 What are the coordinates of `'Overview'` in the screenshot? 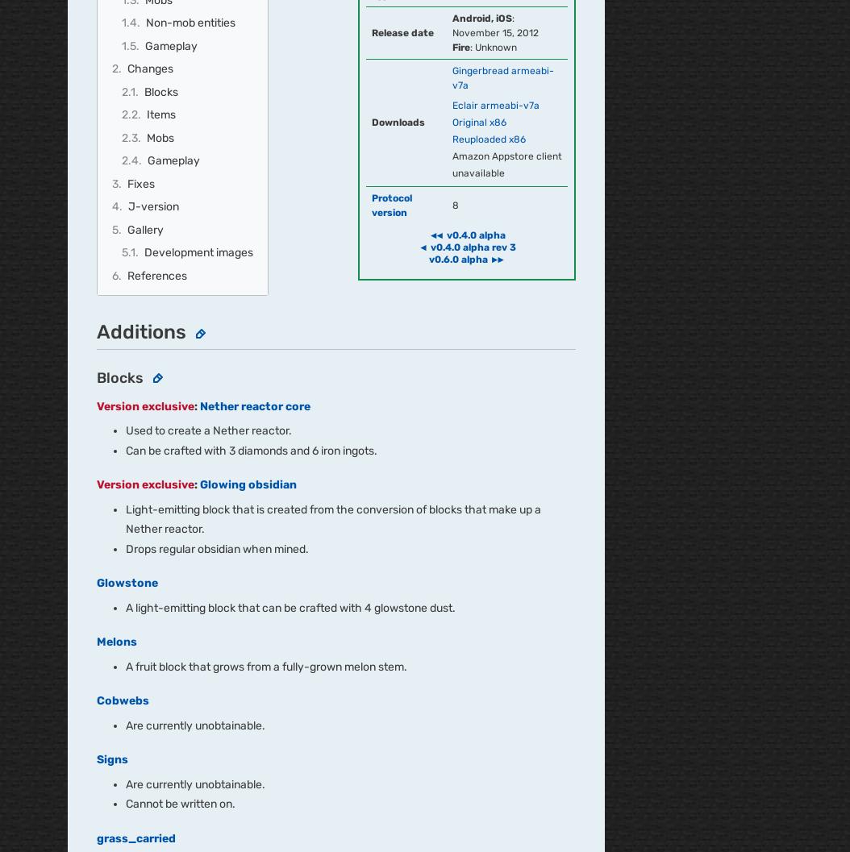 It's located at (93, 404).